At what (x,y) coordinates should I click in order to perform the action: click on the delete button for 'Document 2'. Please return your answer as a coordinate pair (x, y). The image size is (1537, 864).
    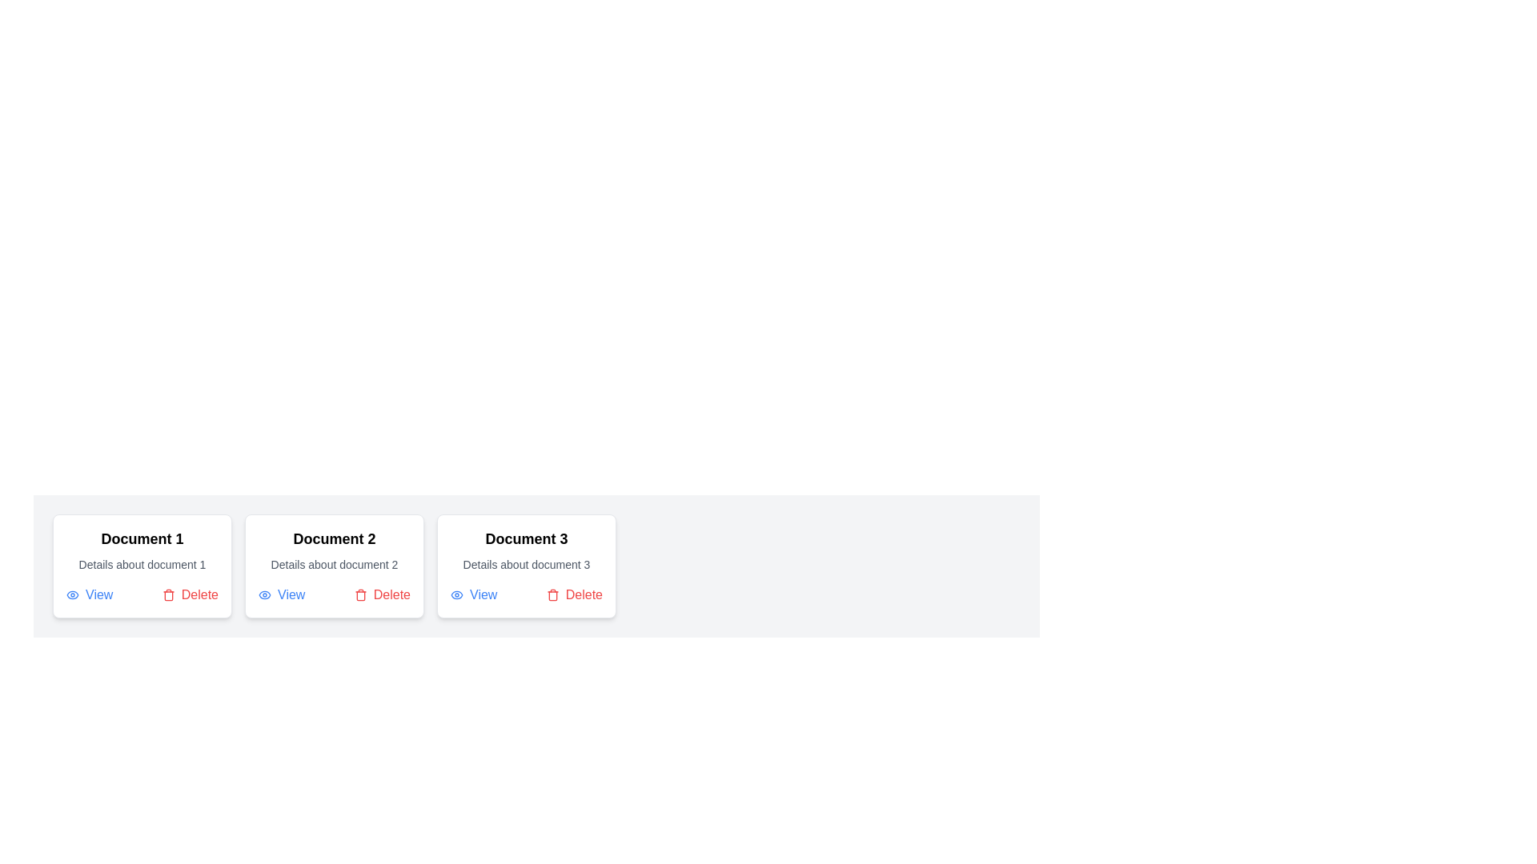
    Looking at the image, I should click on (381, 595).